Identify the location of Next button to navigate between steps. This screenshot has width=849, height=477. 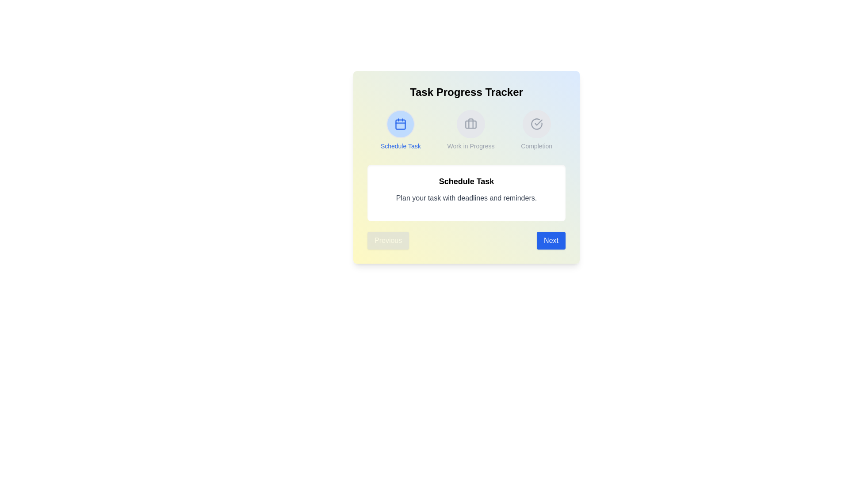
(551, 240).